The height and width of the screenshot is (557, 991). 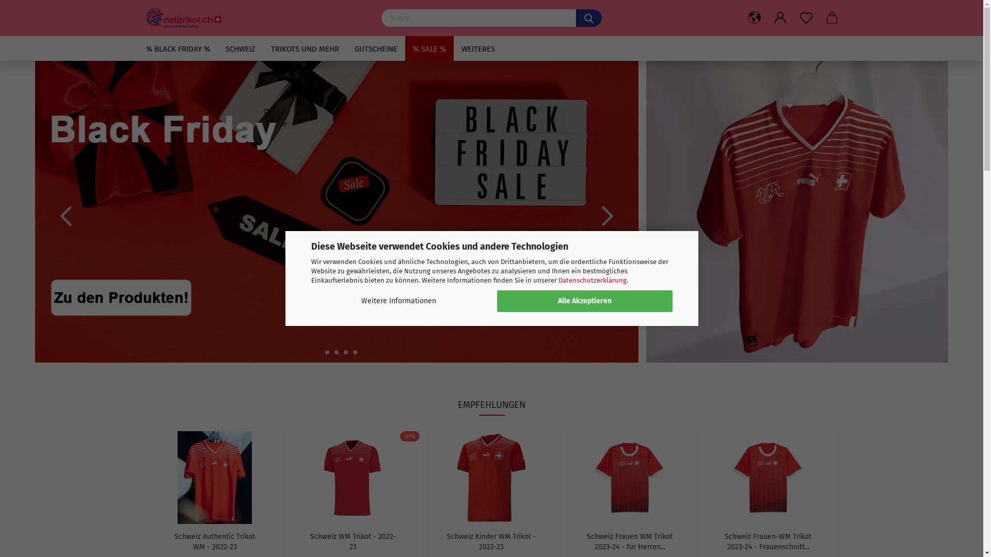 What do you see at coordinates (161, 477) in the screenshot?
I see `'Schweiz Authentic Trikot WM - 2022-23'` at bounding box center [161, 477].